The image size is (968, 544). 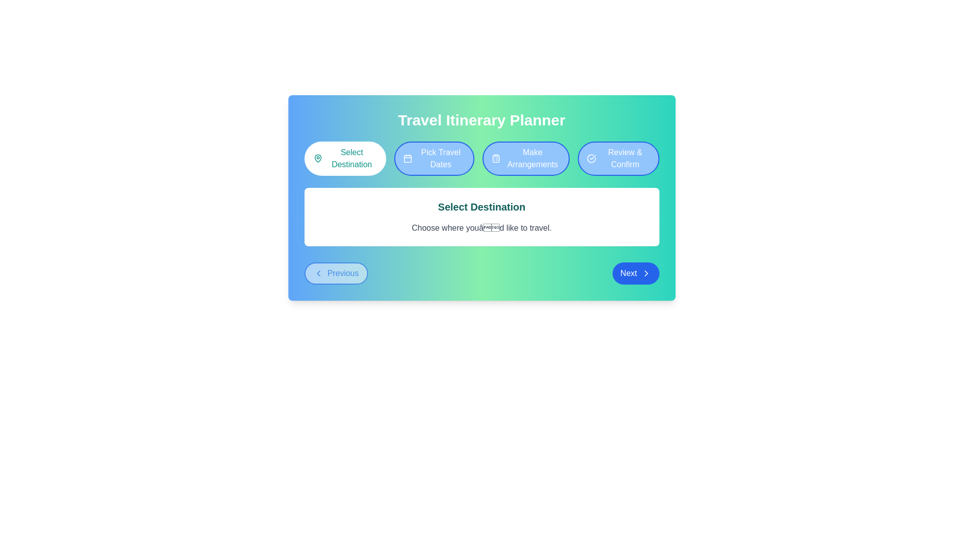 I want to click on the navigational cue icon located within the 'Previous' button, which indicates a backward action, so click(x=318, y=274).